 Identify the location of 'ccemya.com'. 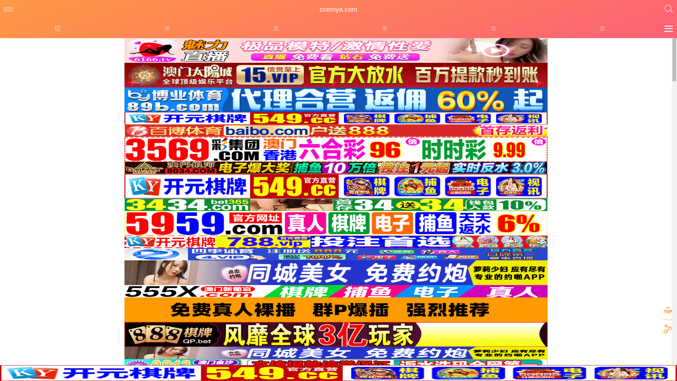
(338, 10).